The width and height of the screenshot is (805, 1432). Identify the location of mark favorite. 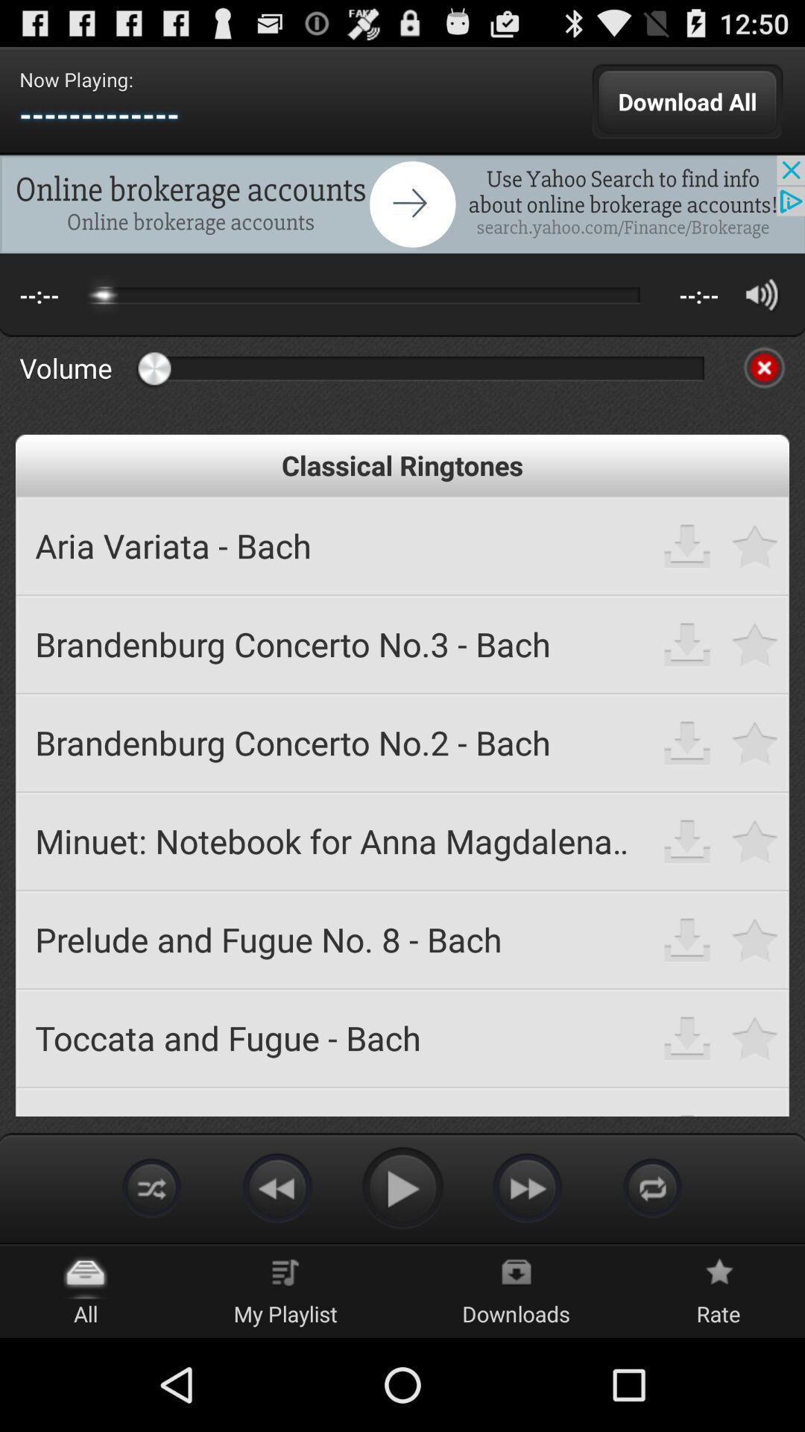
(755, 938).